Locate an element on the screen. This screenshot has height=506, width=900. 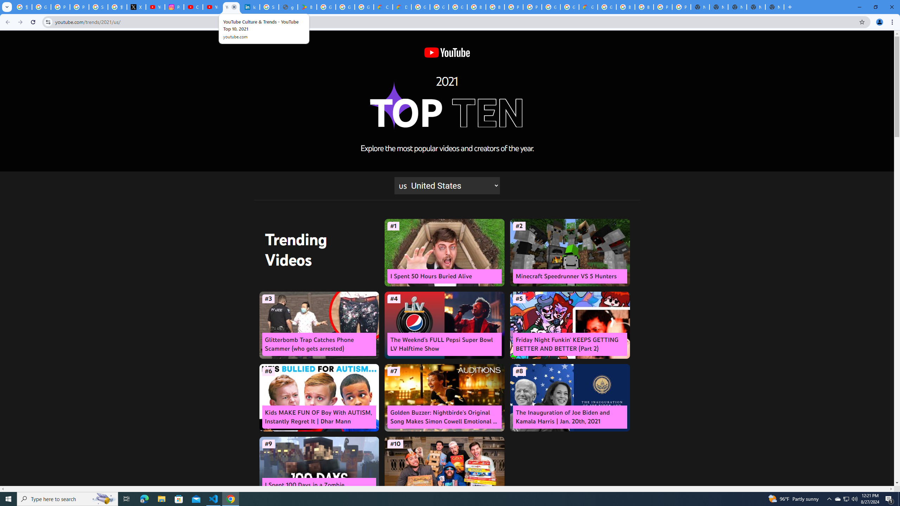
'YouTube Culture & Trends - YouTube Top 10, 2021' is located at coordinates (231, 7).